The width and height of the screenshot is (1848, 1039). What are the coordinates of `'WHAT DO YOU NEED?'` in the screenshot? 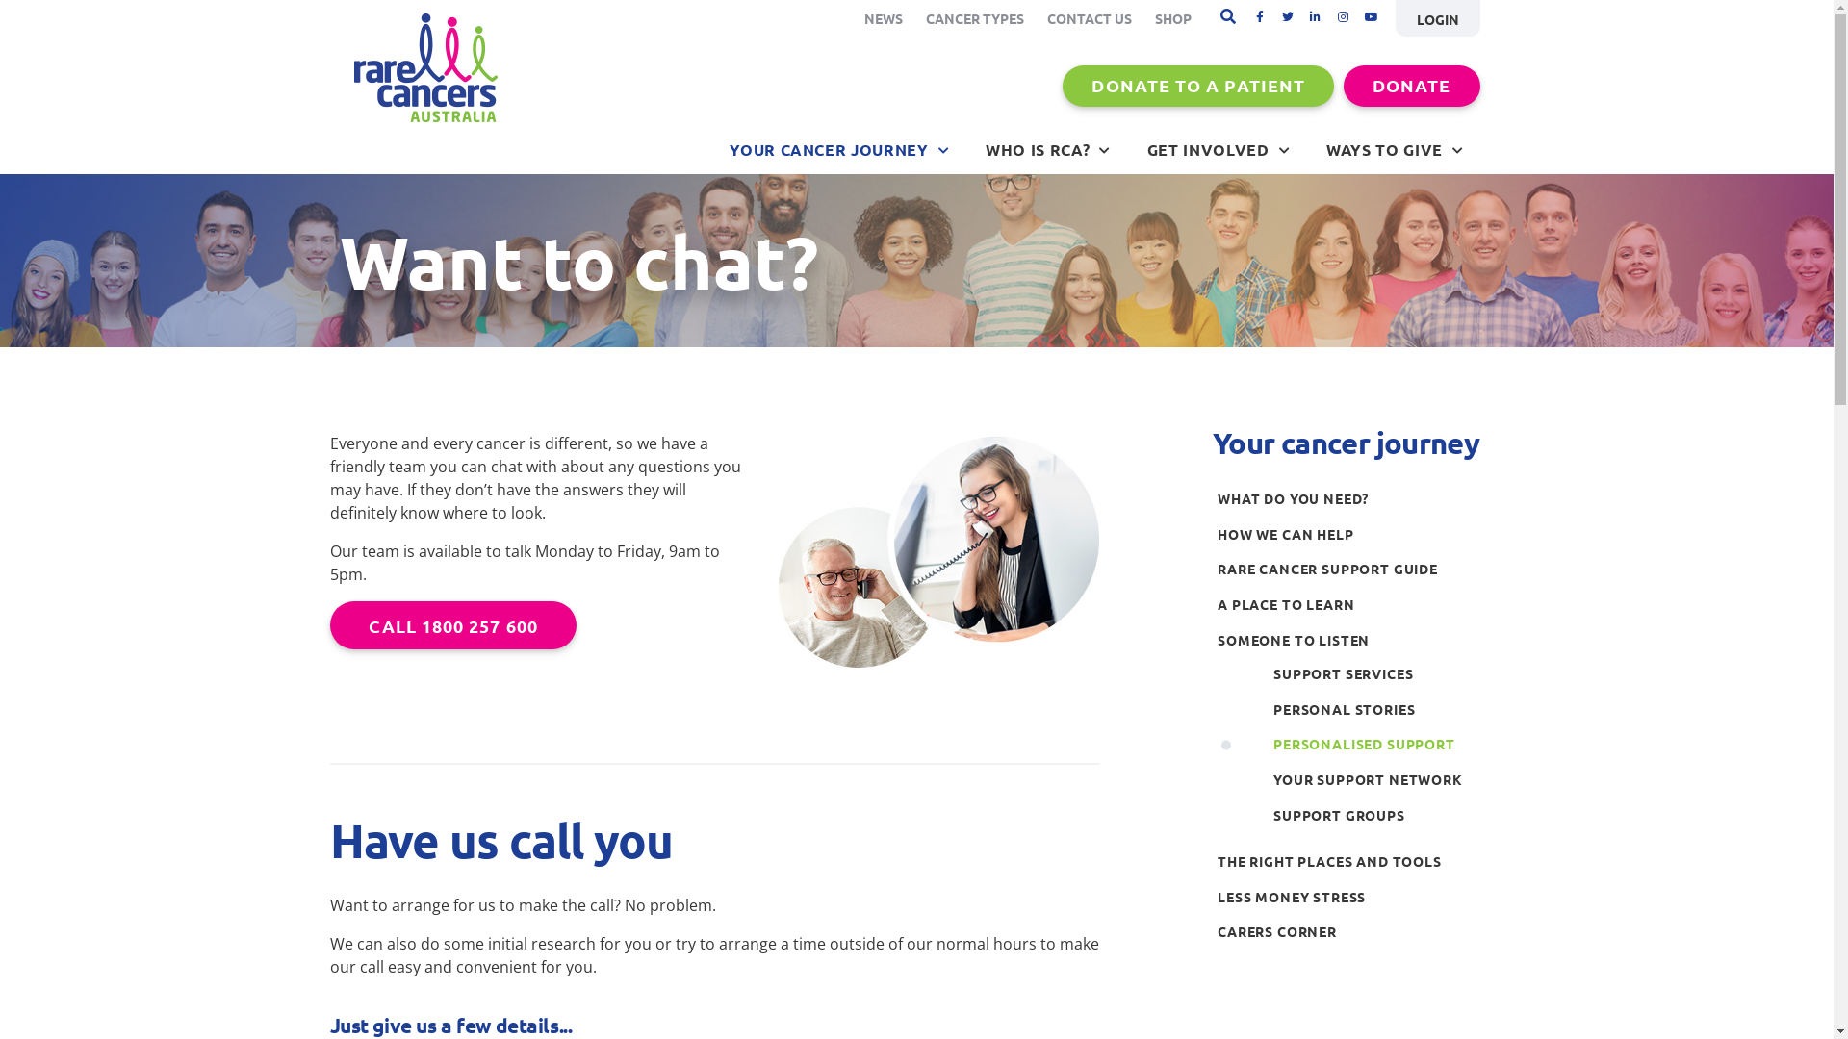 It's located at (1352, 497).